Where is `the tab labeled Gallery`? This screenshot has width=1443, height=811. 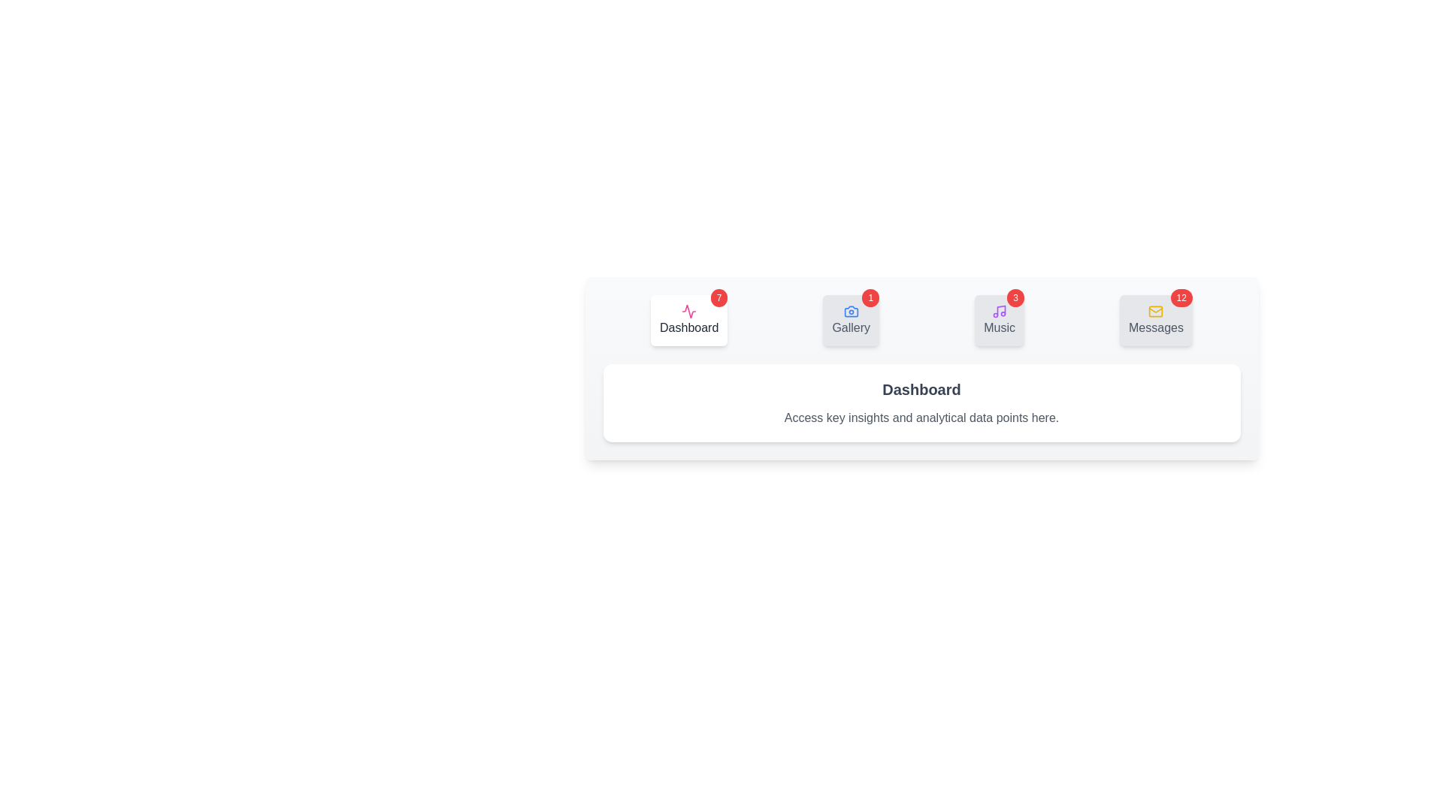
the tab labeled Gallery is located at coordinates (851, 320).